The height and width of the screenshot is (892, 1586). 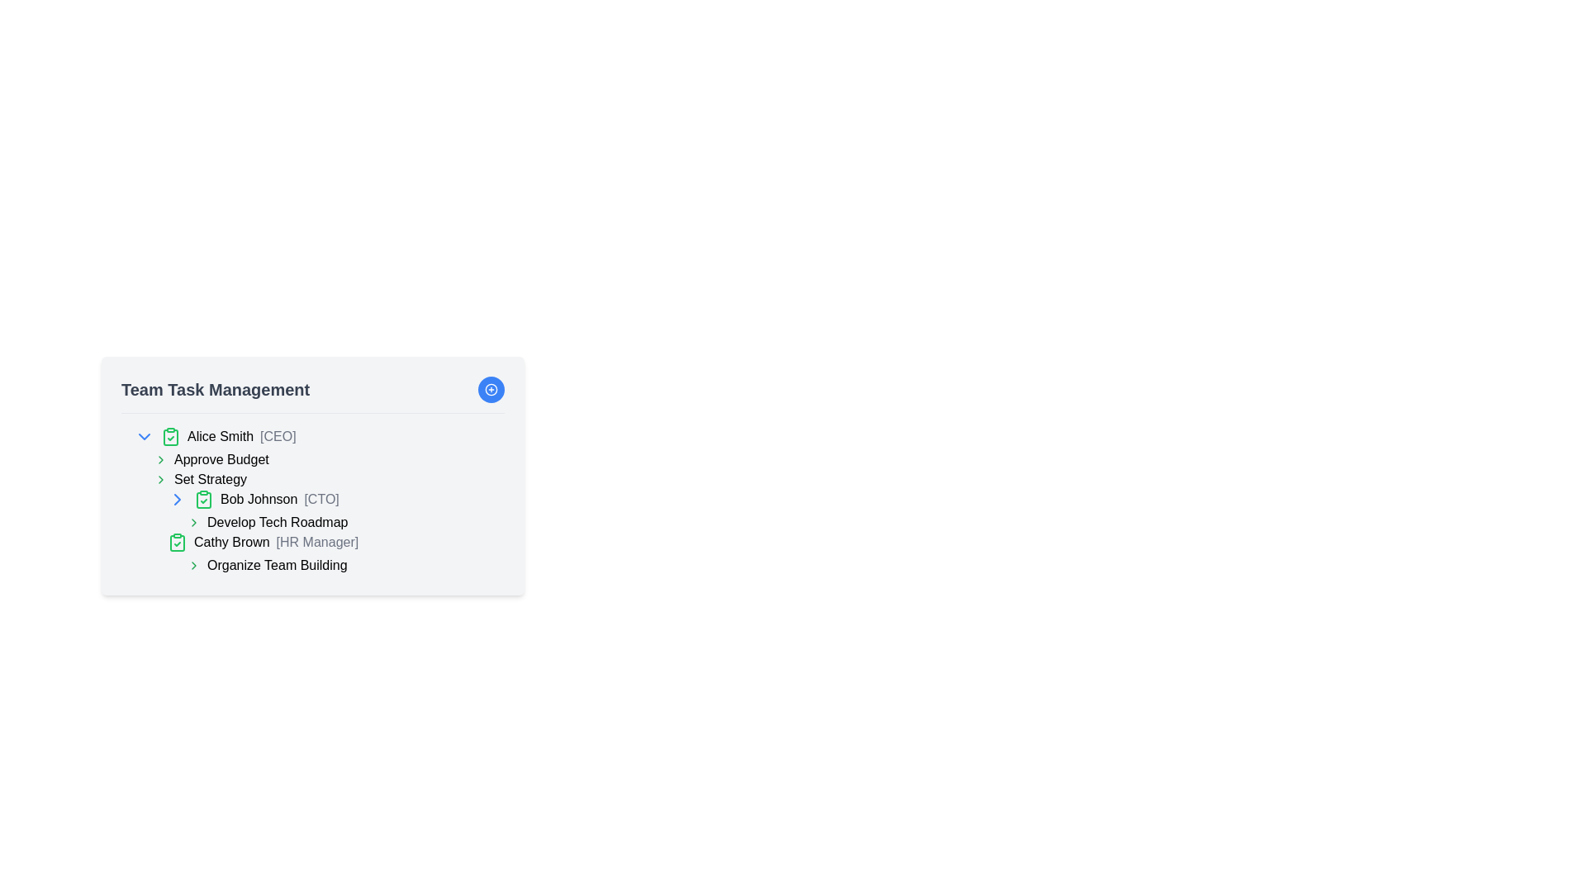 What do you see at coordinates (178, 499) in the screenshot?
I see `the right-chevron icon beside 'Bob Johnson [CTO]' in the 'Team Task Management' section for navigational purposes` at bounding box center [178, 499].